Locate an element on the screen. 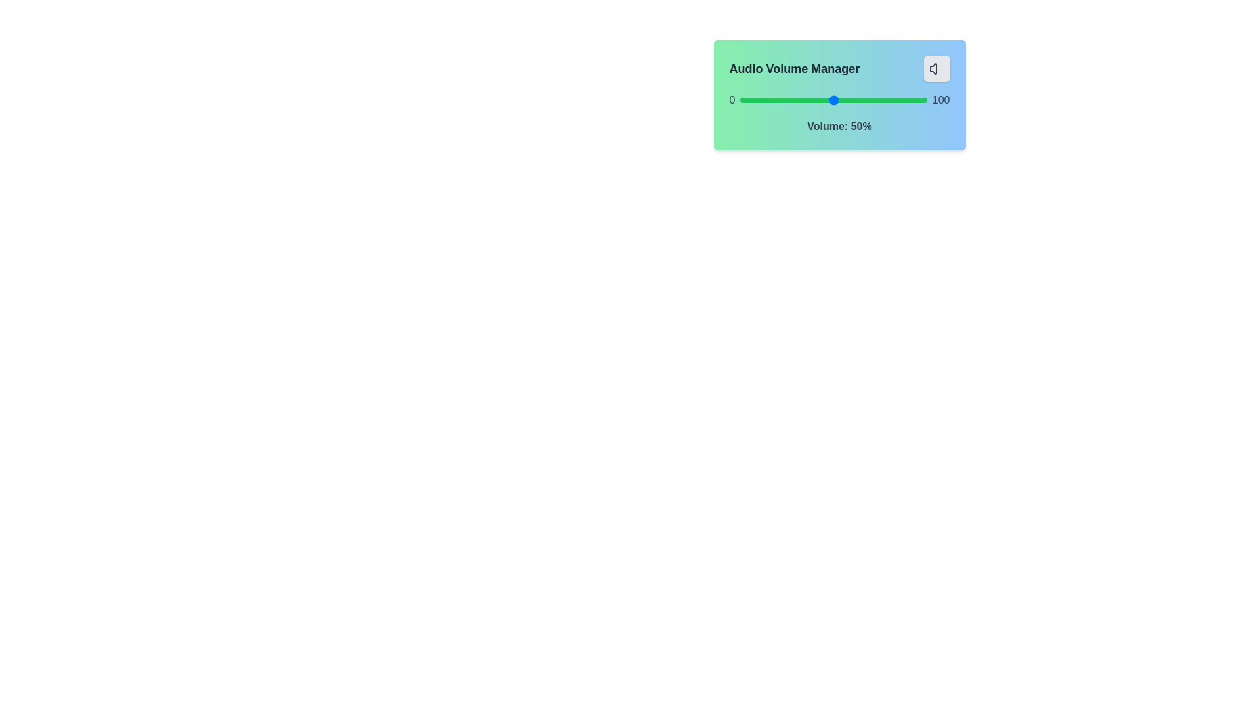 Image resolution: width=1260 pixels, height=709 pixels. the slider is located at coordinates (884, 100).